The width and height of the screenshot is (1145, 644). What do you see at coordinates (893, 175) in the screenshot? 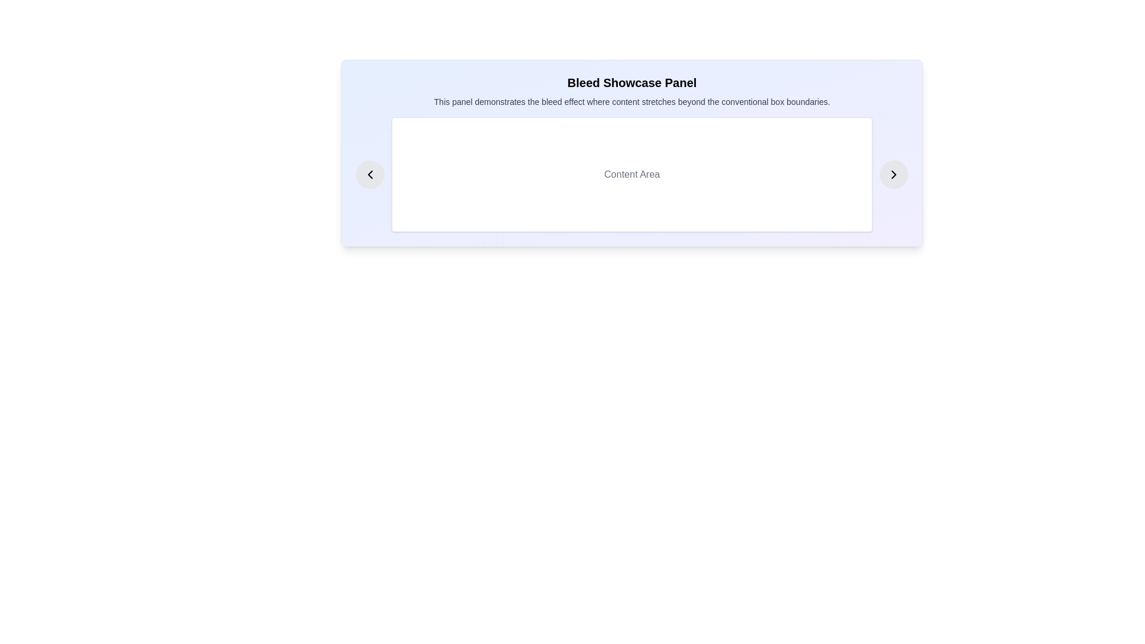
I see `the rightmost navigation button` at bounding box center [893, 175].